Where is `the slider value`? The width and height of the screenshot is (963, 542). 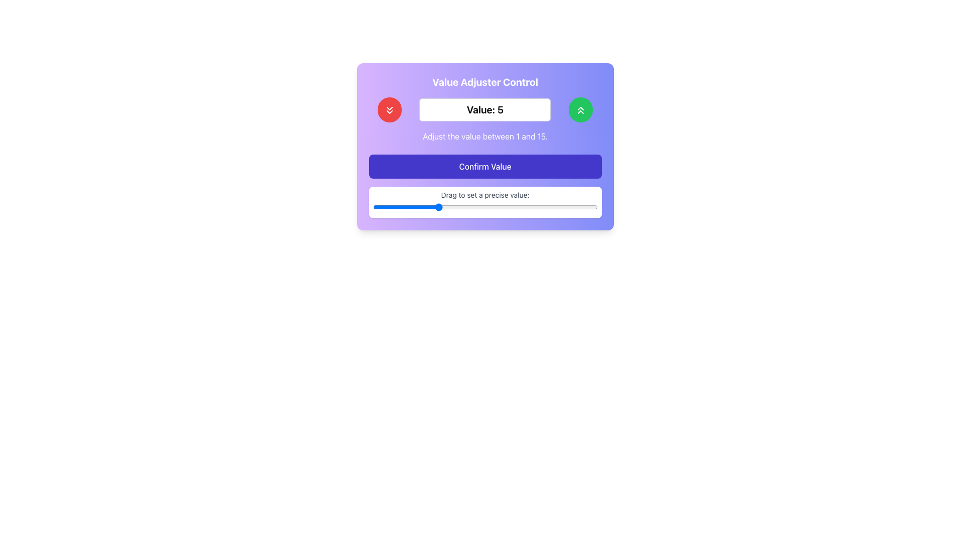 the slider value is located at coordinates (421, 207).